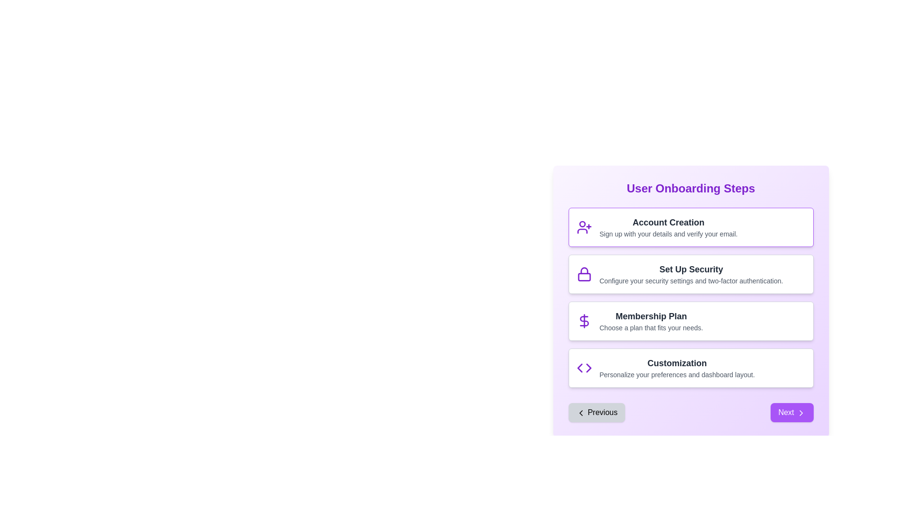 Image resolution: width=919 pixels, height=517 pixels. Describe the element at coordinates (583, 367) in the screenshot. I see `the SVG Icon representing the 'Customization' step, located on the left side of the card labeled 'Customization' in the onboarding steps list` at that location.